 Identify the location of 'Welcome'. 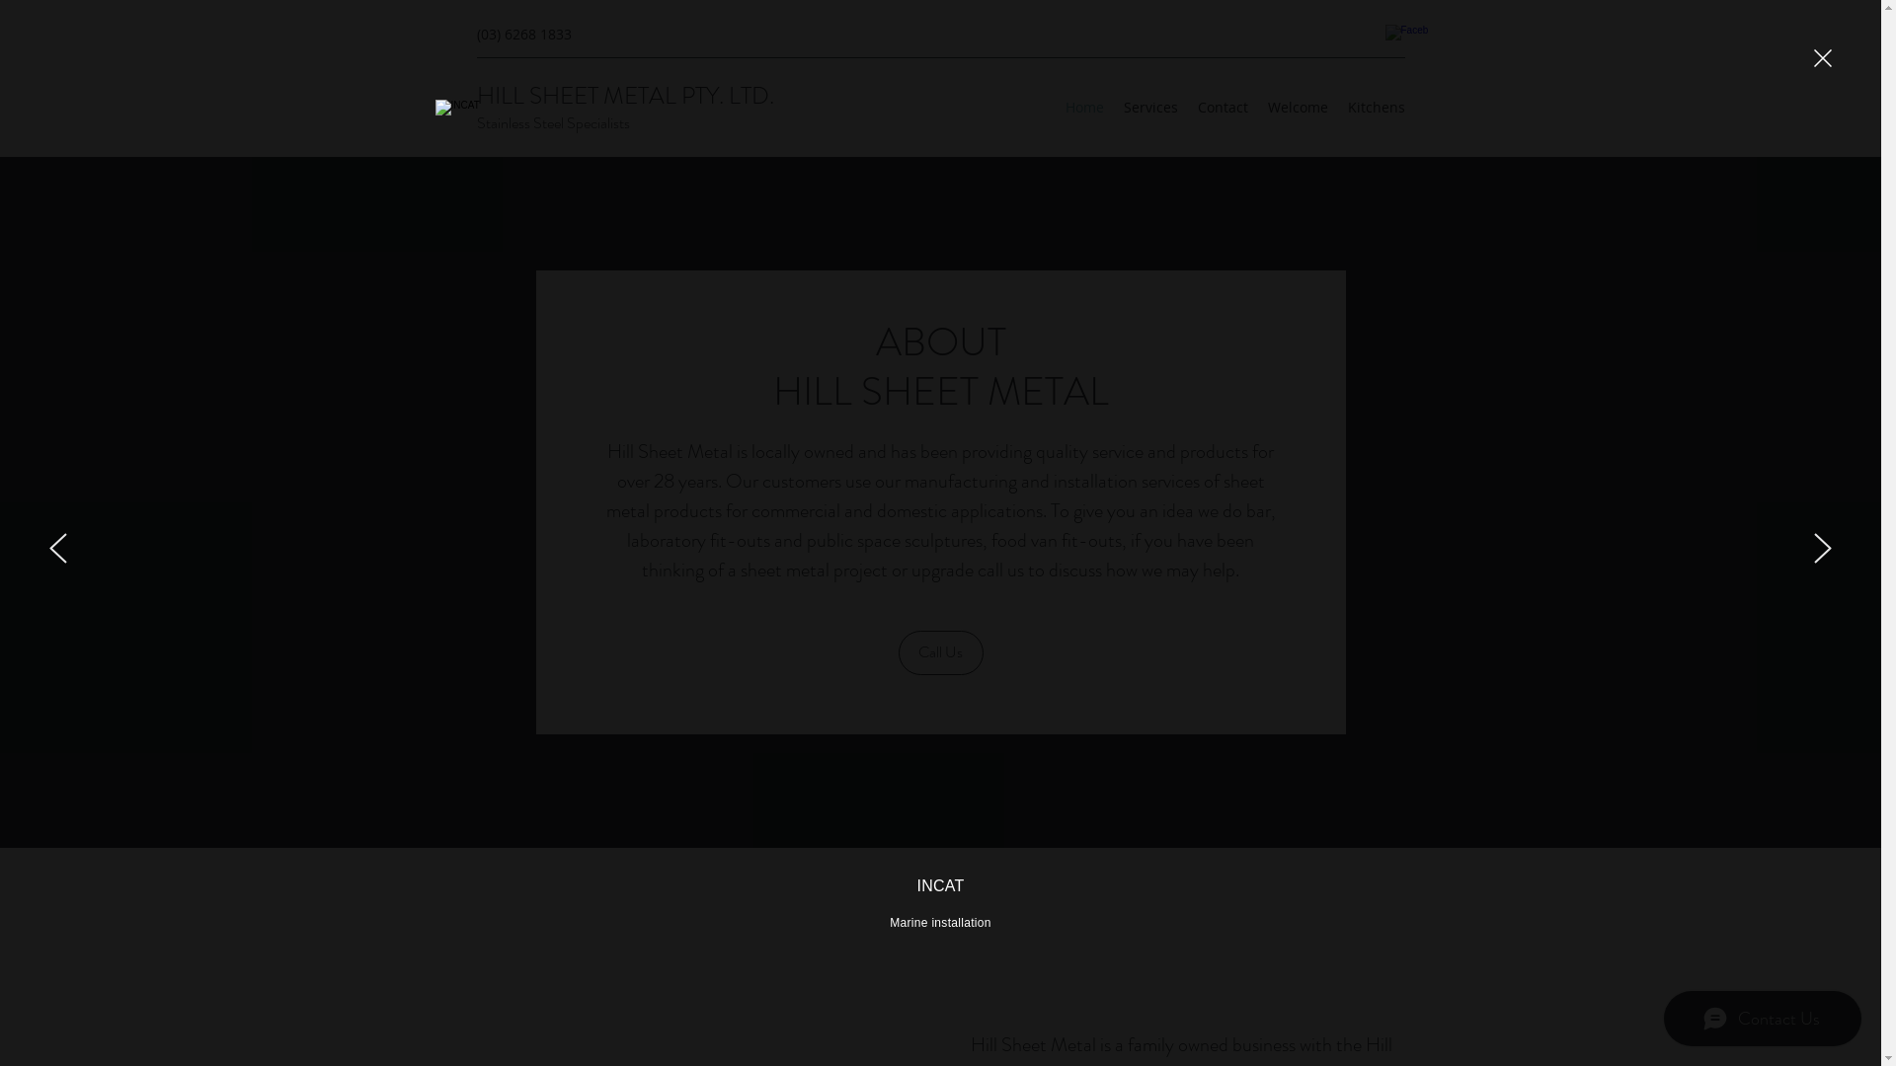
(1298, 107).